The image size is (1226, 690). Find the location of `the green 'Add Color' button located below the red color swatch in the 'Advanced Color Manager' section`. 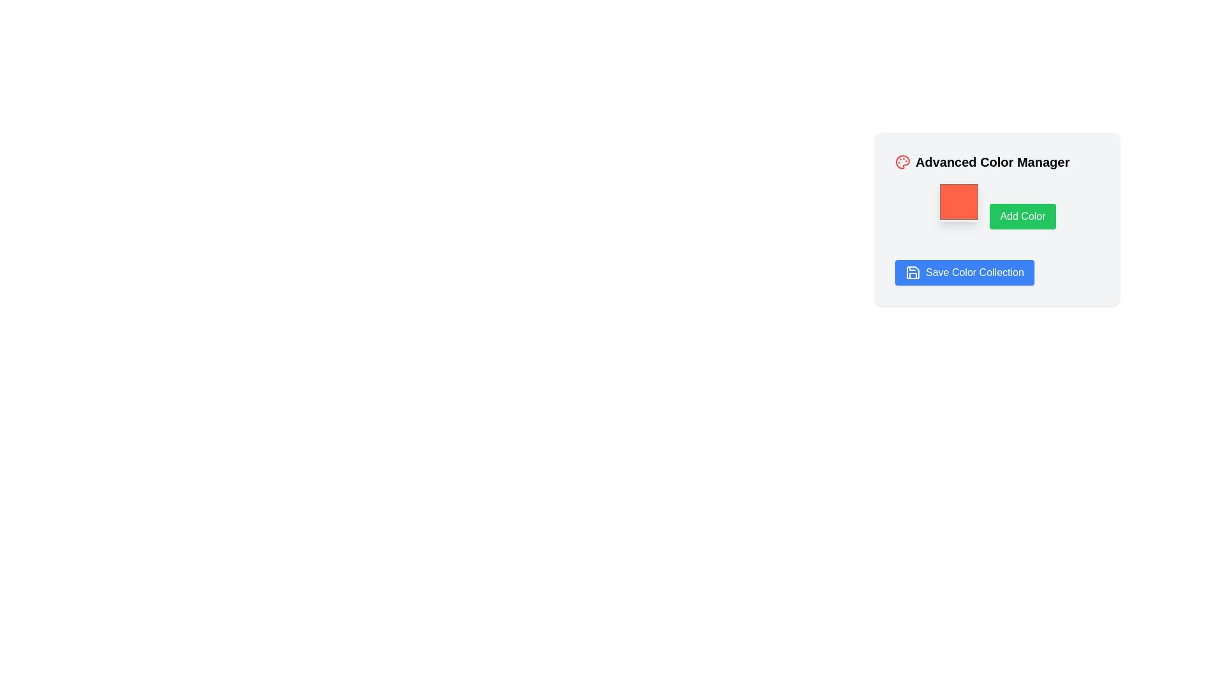

the green 'Add Color' button located below the red color swatch in the 'Advanced Color Manager' section is located at coordinates (1023, 216).